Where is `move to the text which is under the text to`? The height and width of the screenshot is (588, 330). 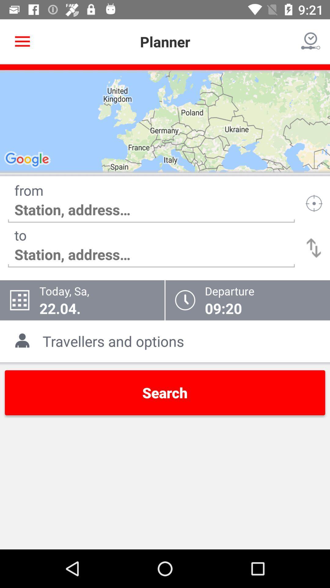
move to the text which is under the text to is located at coordinates (151, 254).